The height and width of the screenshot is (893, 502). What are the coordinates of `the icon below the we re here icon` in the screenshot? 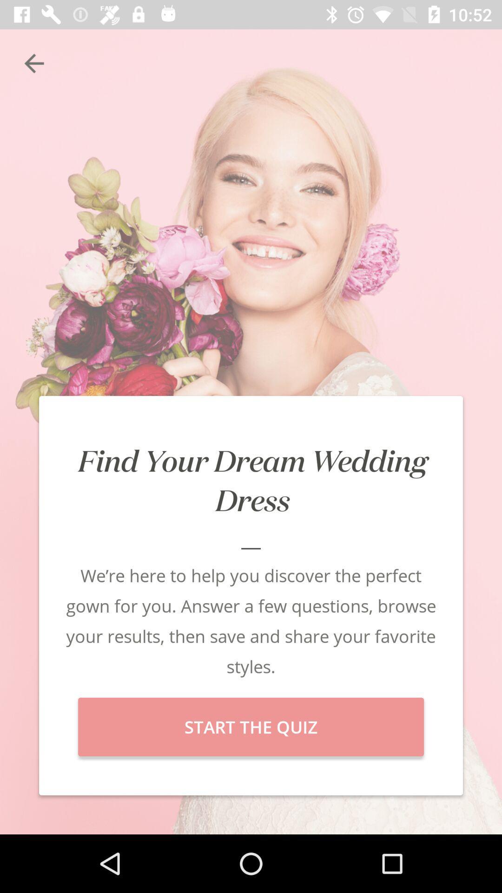 It's located at (251, 726).